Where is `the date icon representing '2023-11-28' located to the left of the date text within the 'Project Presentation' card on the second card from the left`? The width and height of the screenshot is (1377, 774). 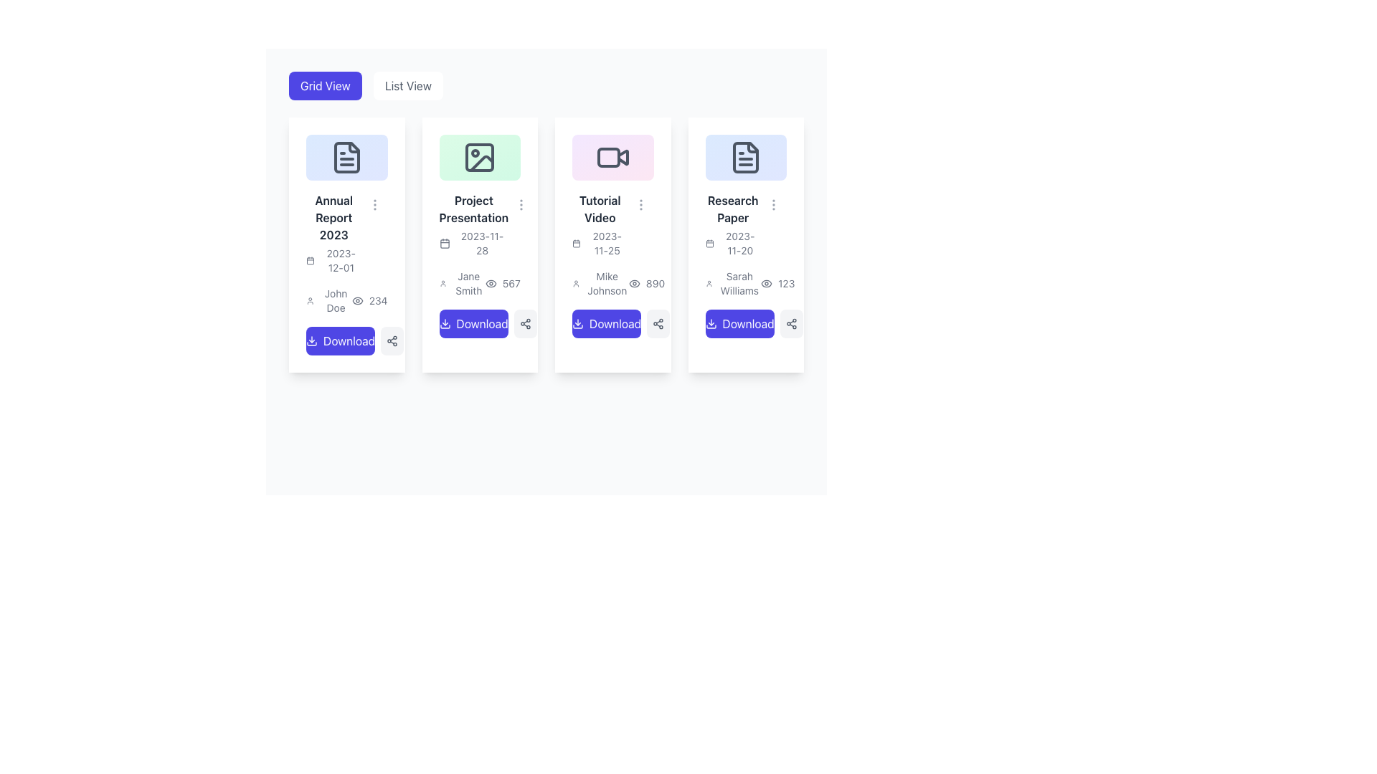
the date icon representing '2023-11-28' located to the left of the date text within the 'Project Presentation' card on the second card from the left is located at coordinates (444, 242).